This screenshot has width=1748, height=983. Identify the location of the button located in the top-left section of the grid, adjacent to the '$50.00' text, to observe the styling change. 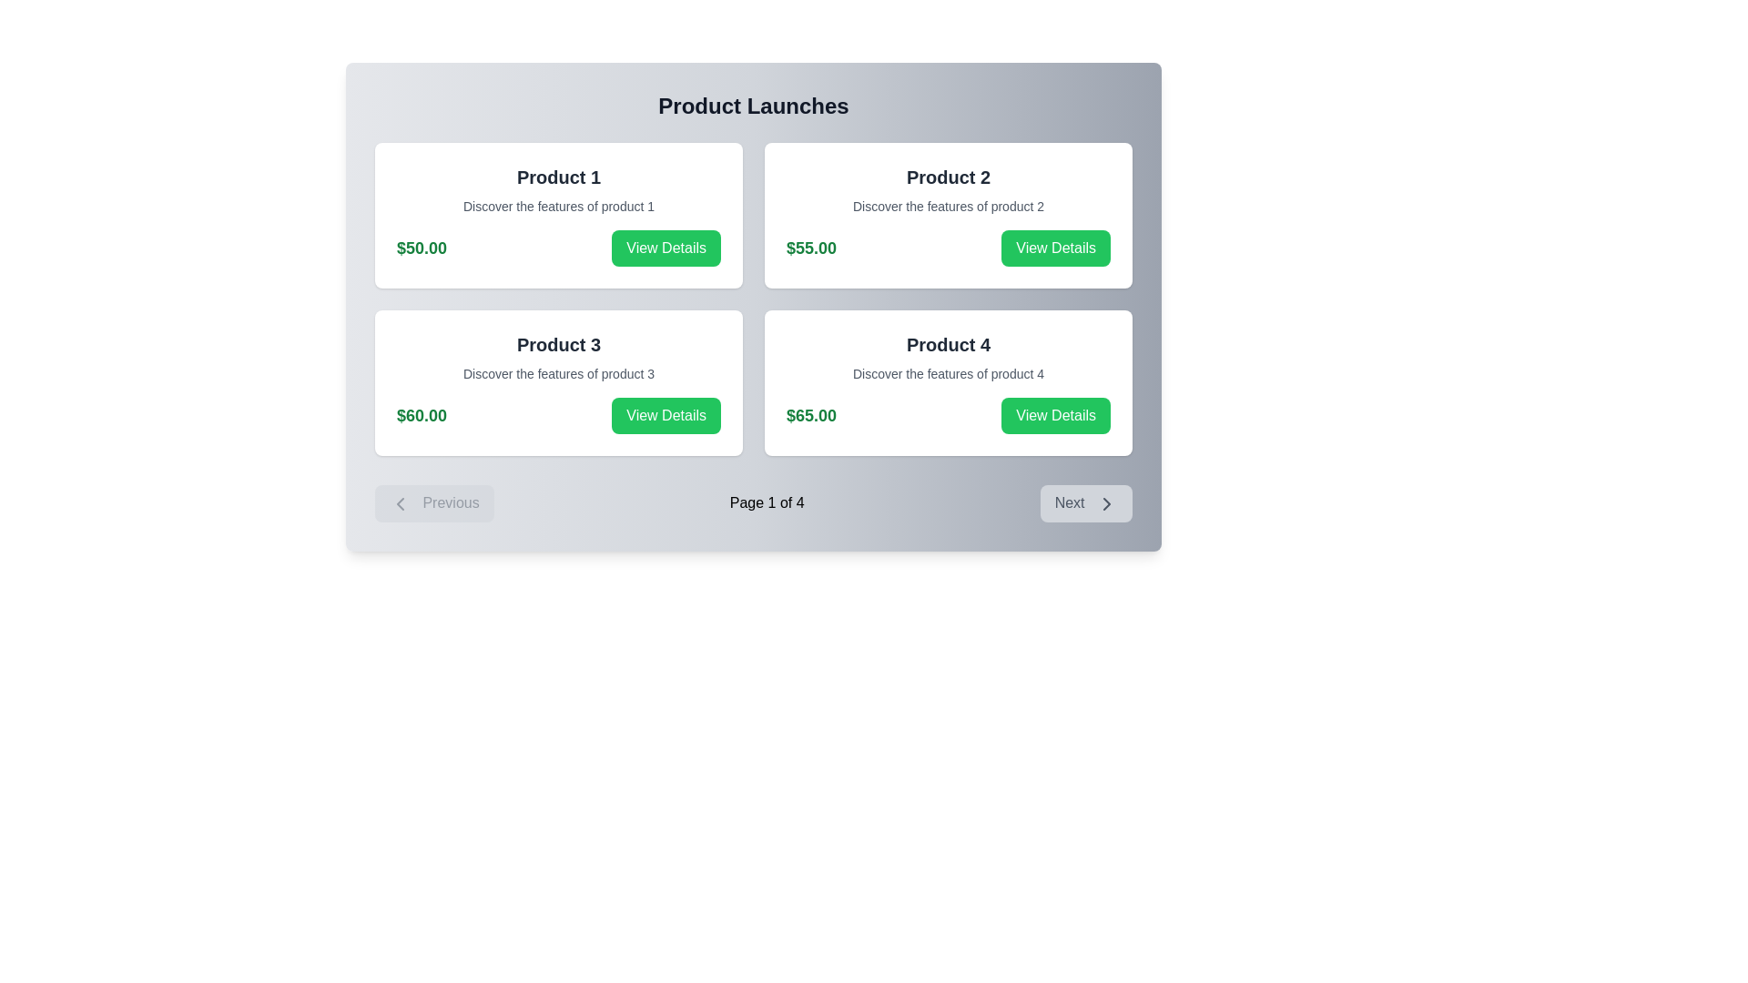
(666, 248).